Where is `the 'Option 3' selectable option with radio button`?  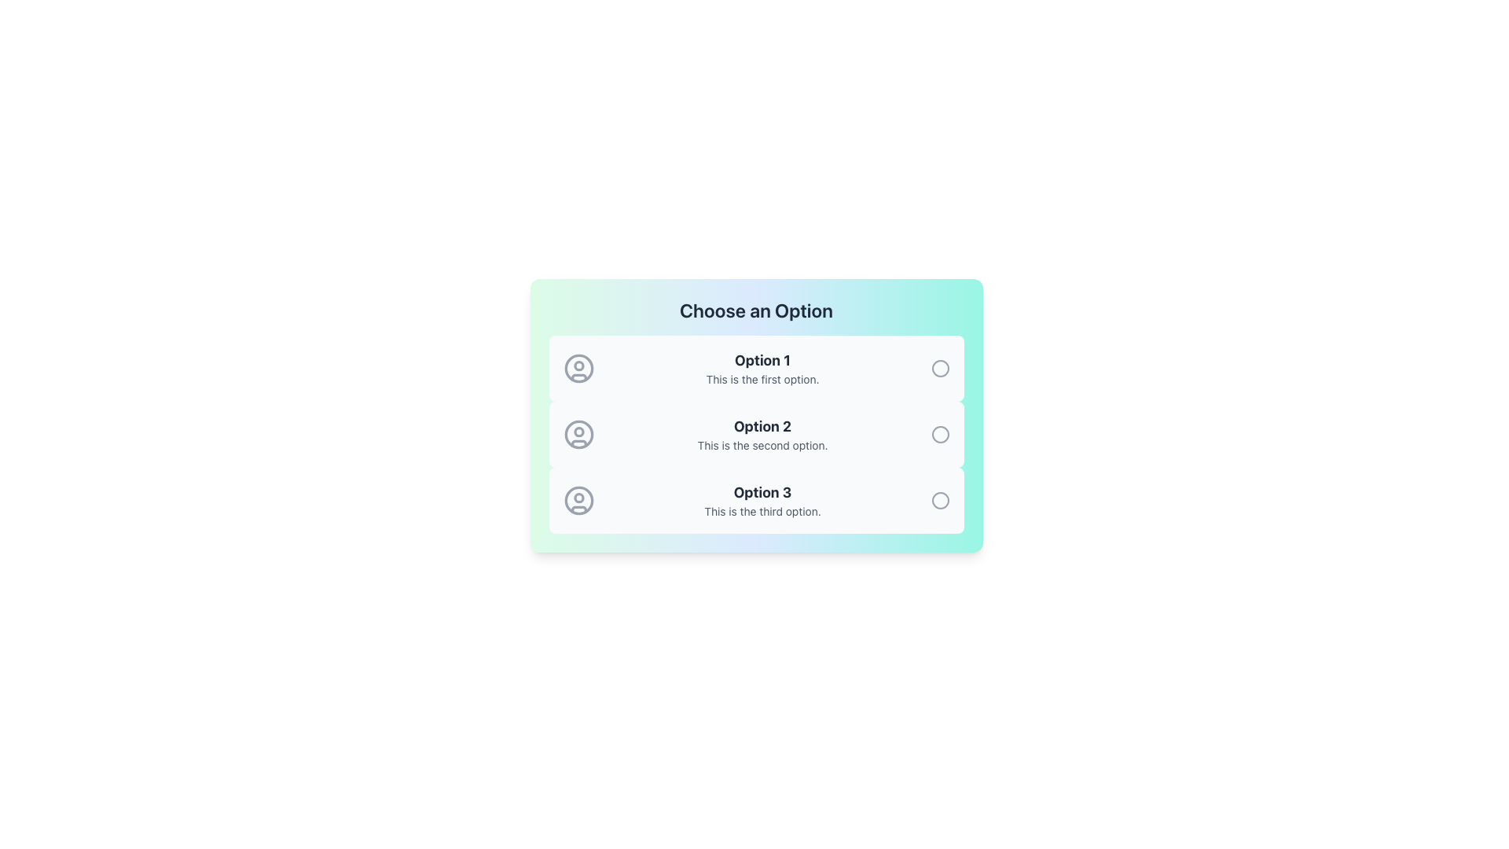 the 'Option 3' selectable option with radio button is located at coordinates (756, 500).